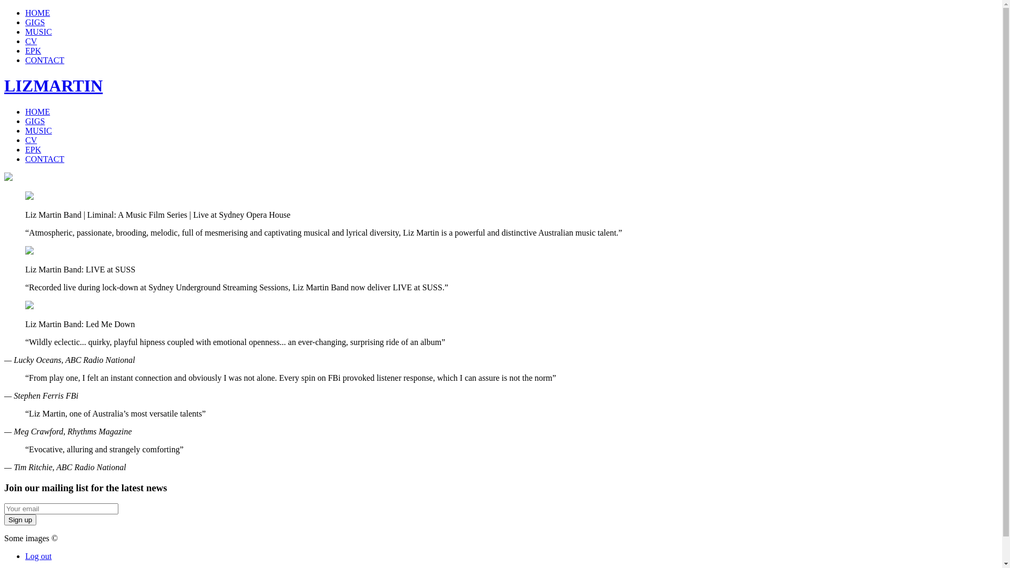 The width and height of the screenshot is (1010, 568). What do you see at coordinates (25, 22) in the screenshot?
I see `'GIGS'` at bounding box center [25, 22].